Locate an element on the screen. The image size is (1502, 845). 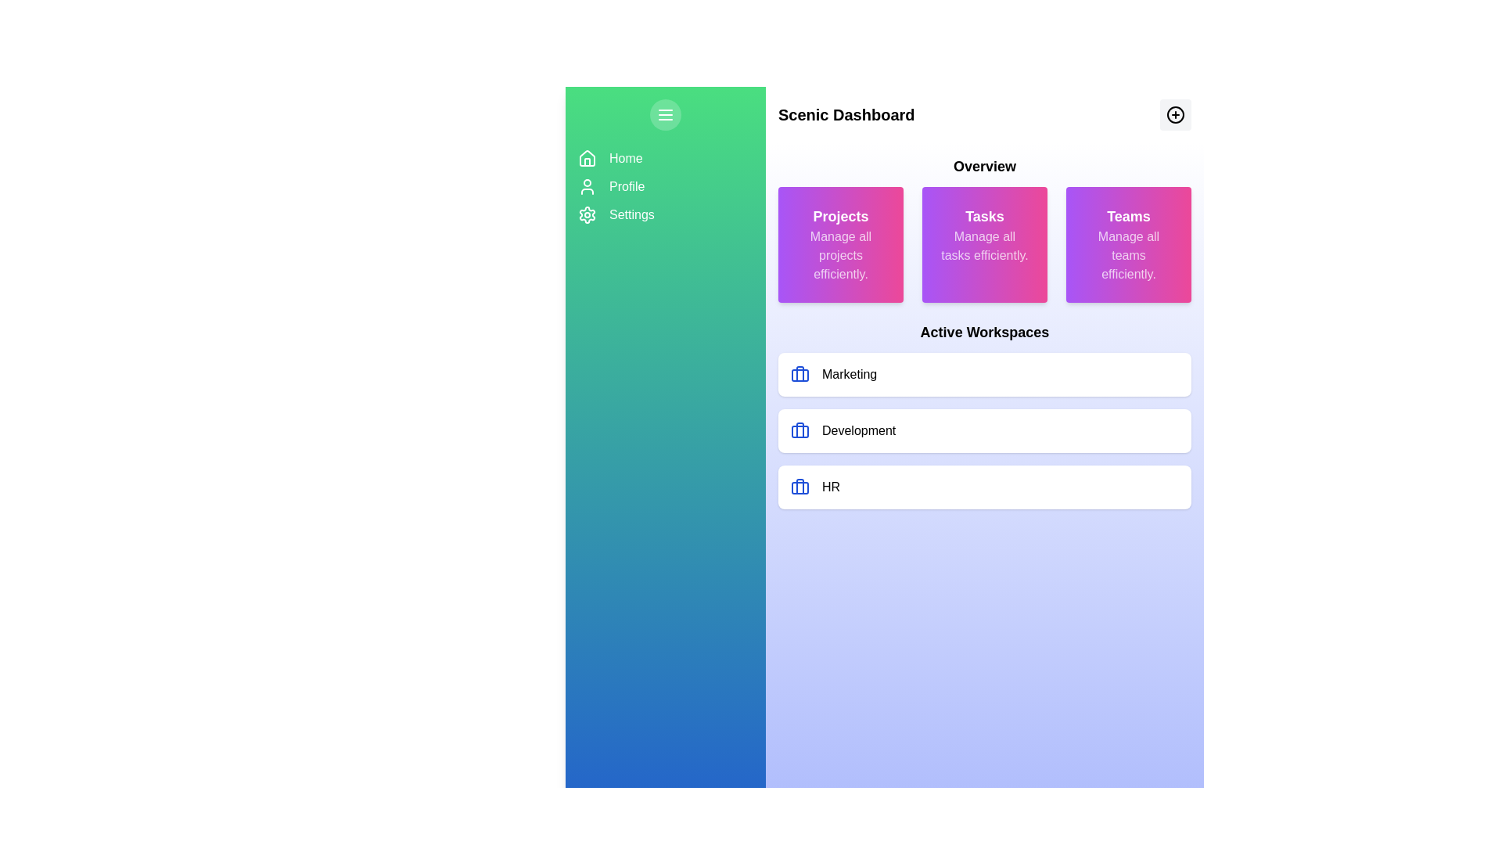
the blue rectangular icon with rounded corners that is part of the briefcase icon in the 'Active Workspaces' section is located at coordinates (800, 431).